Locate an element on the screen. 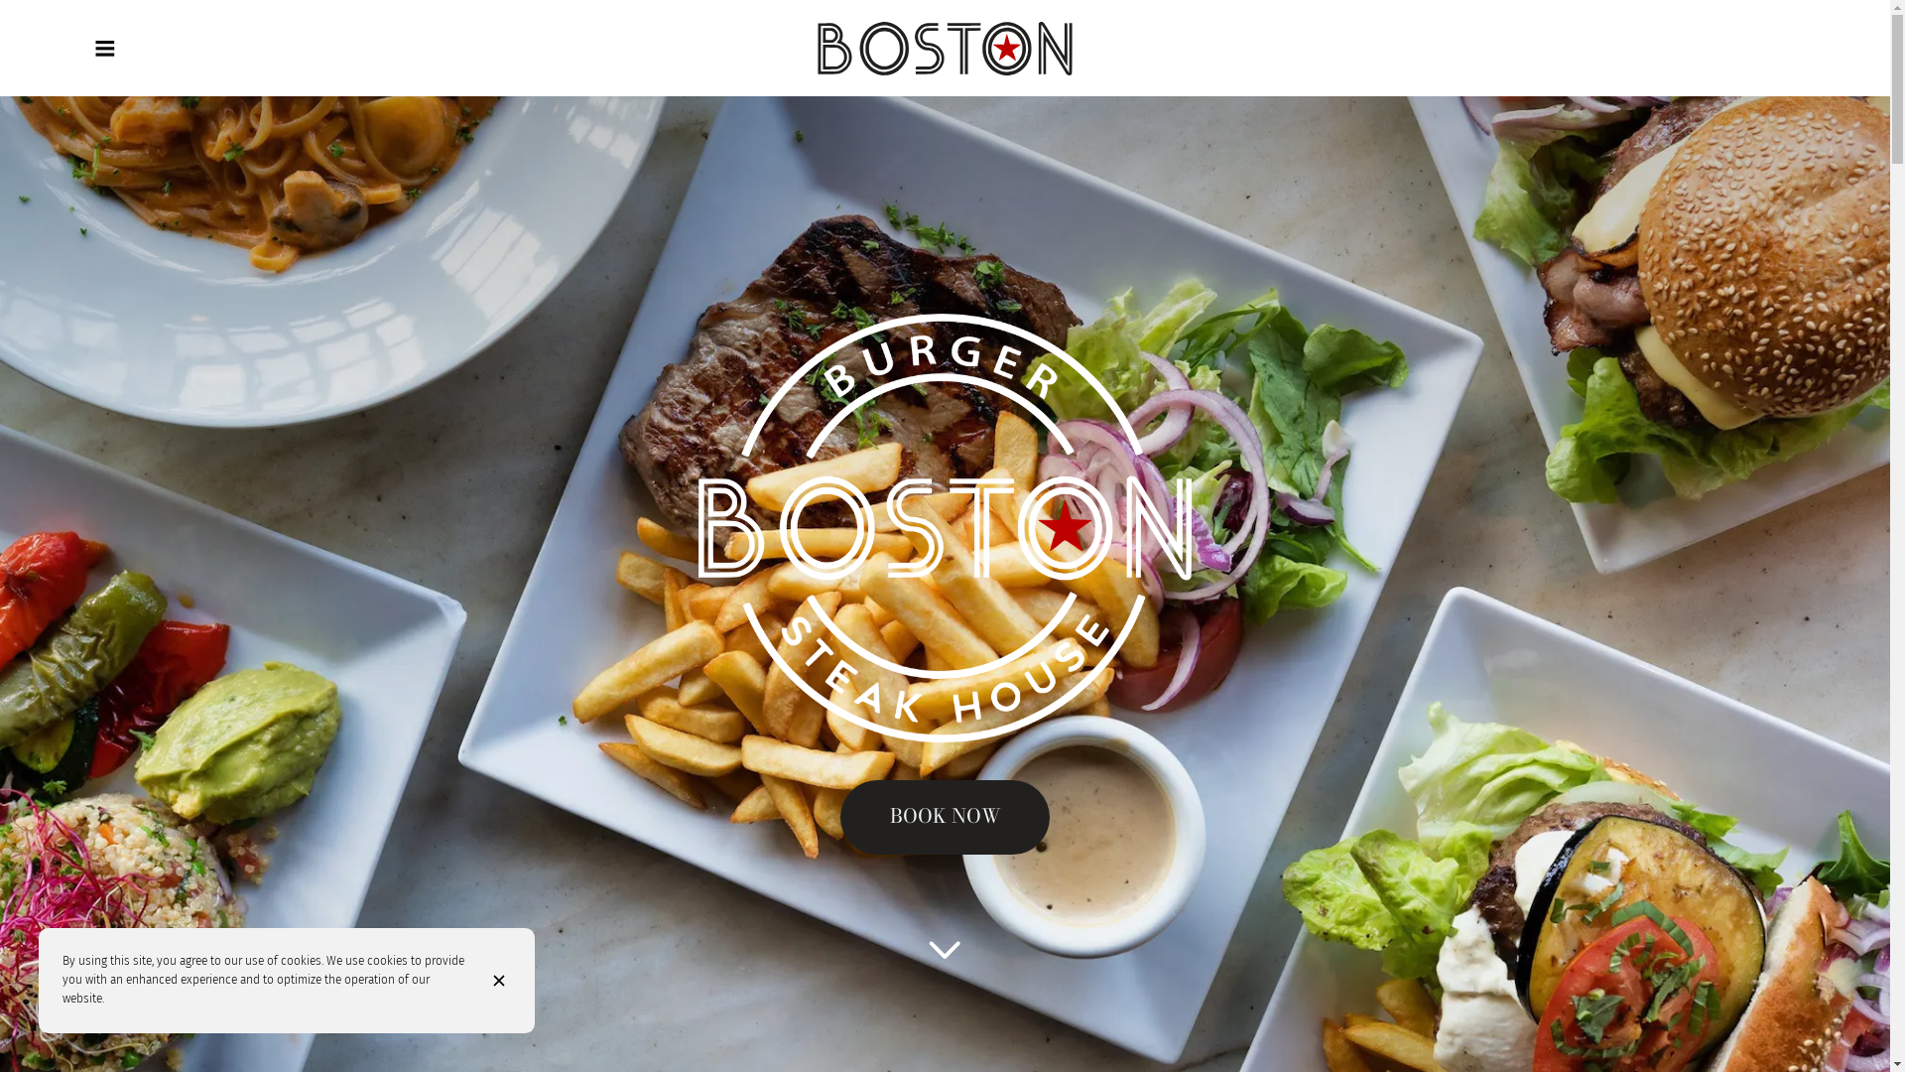 The image size is (1905, 1072). 'BOOK NOW' is located at coordinates (943, 817).